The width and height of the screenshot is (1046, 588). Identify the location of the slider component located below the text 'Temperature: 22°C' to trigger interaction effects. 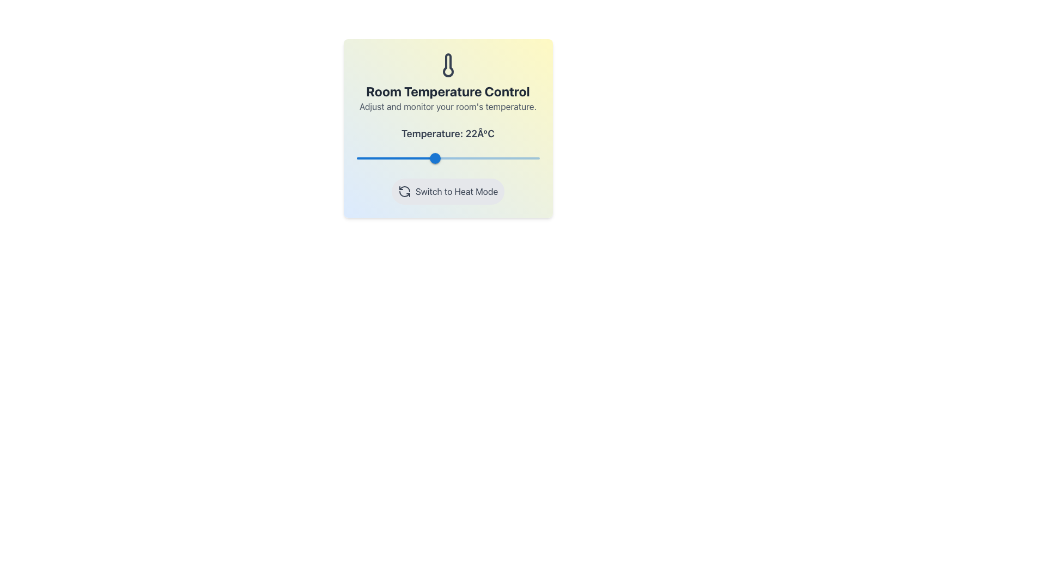
(448, 158).